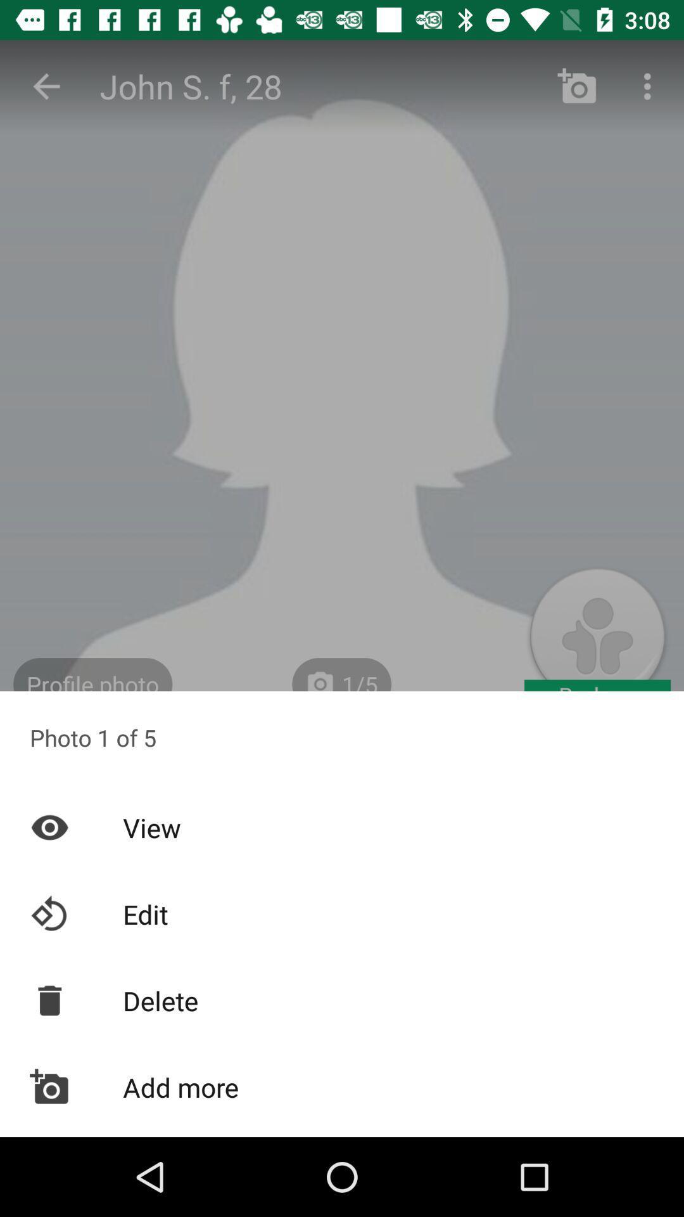 This screenshot has width=684, height=1217. What do you see at coordinates (342, 914) in the screenshot?
I see `edit item` at bounding box center [342, 914].